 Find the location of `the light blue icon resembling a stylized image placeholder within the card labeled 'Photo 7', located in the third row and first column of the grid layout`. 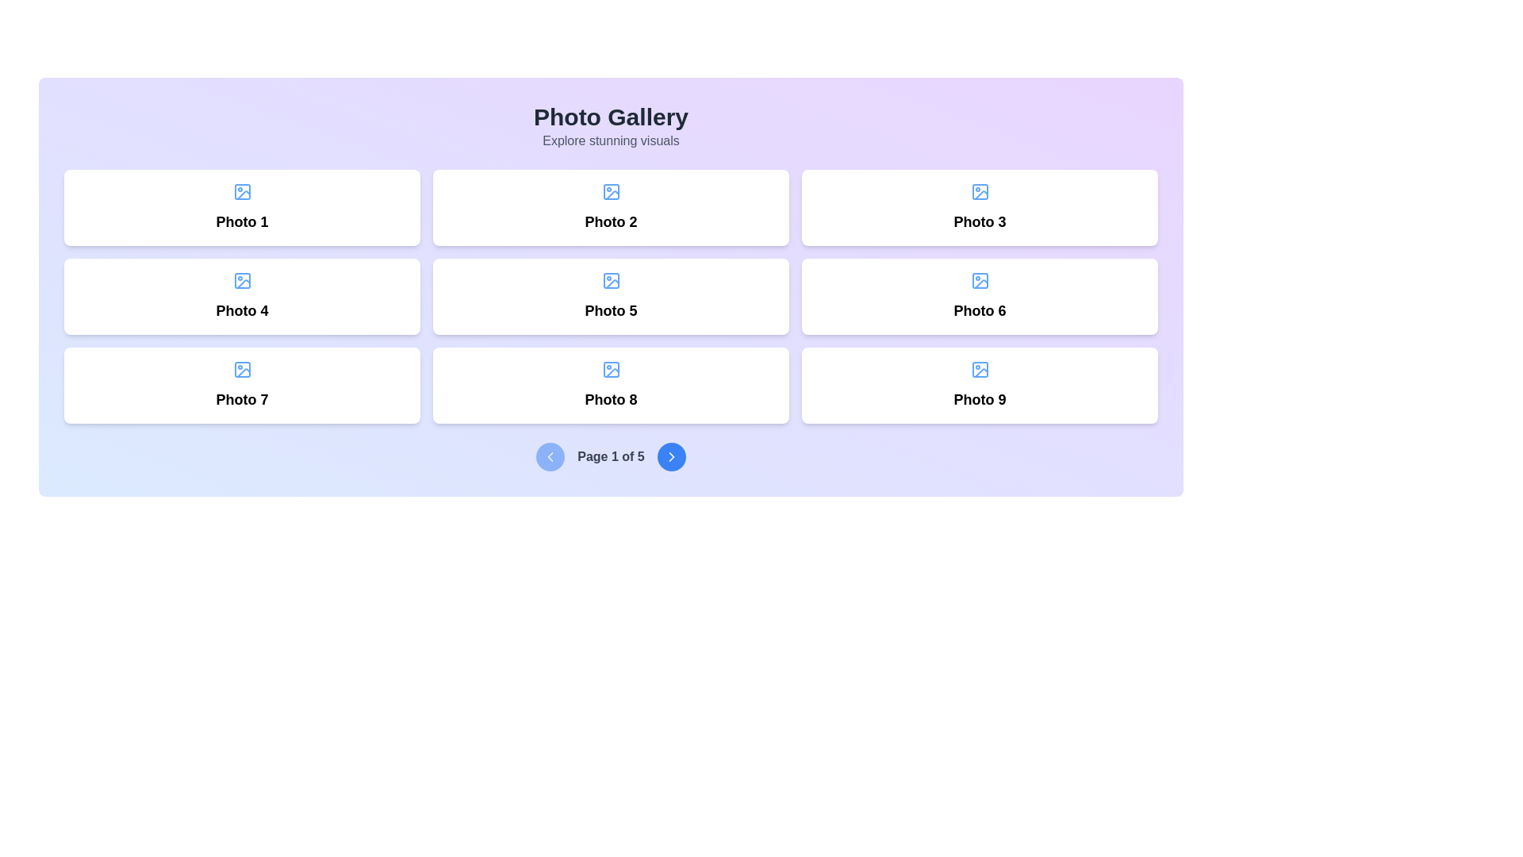

the light blue icon resembling a stylized image placeholder within the card labeled 'Photo 7', located in the third row and first column of the grid layout is located at coordinates (241, 370).